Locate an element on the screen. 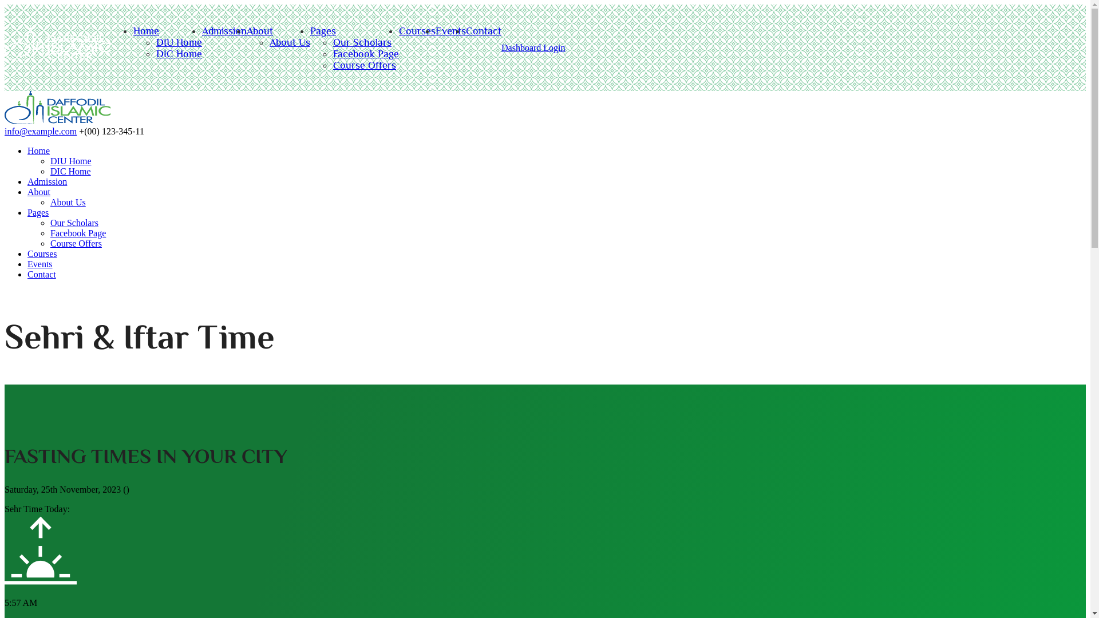 The image size is (1099, 618). 'Events' is located at coordinates (450, 30).